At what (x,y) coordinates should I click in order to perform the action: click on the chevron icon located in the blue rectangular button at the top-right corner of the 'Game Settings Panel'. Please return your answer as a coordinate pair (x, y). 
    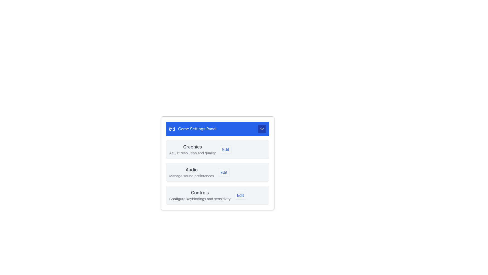
    Looking at the image, I should click on (262, 128).